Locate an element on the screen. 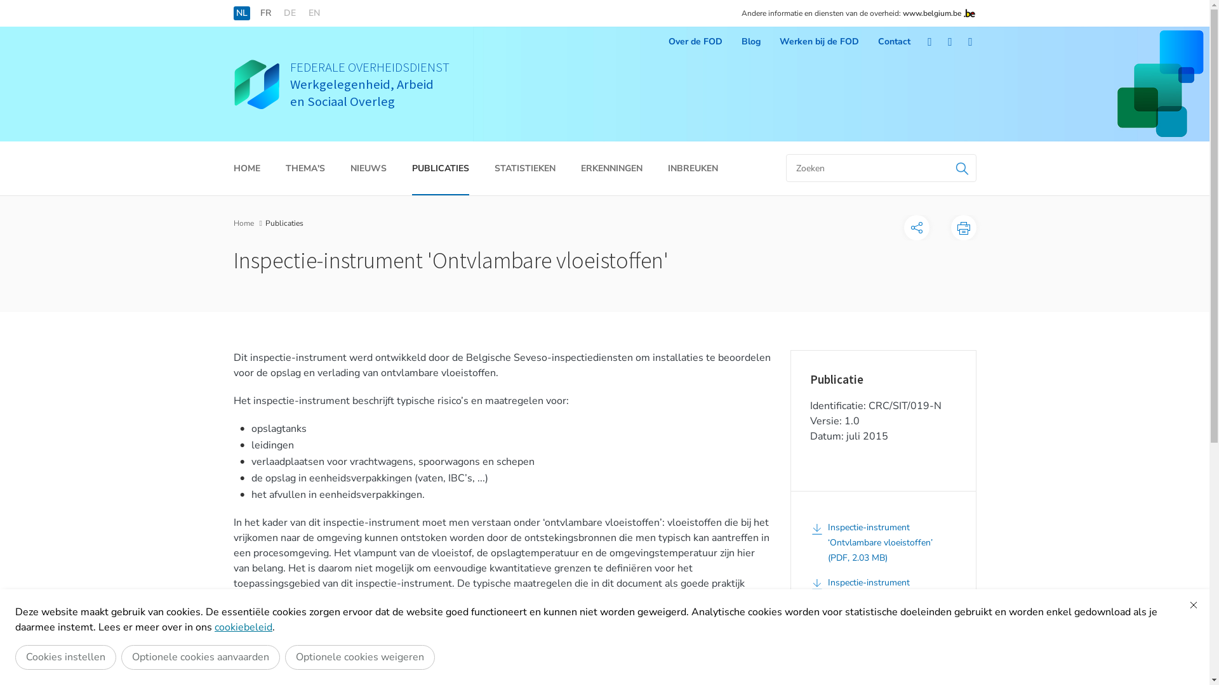 Image resolution: width=1219 pixels, height=685 pixels. 'NL' is located at coordinates (241, 13).